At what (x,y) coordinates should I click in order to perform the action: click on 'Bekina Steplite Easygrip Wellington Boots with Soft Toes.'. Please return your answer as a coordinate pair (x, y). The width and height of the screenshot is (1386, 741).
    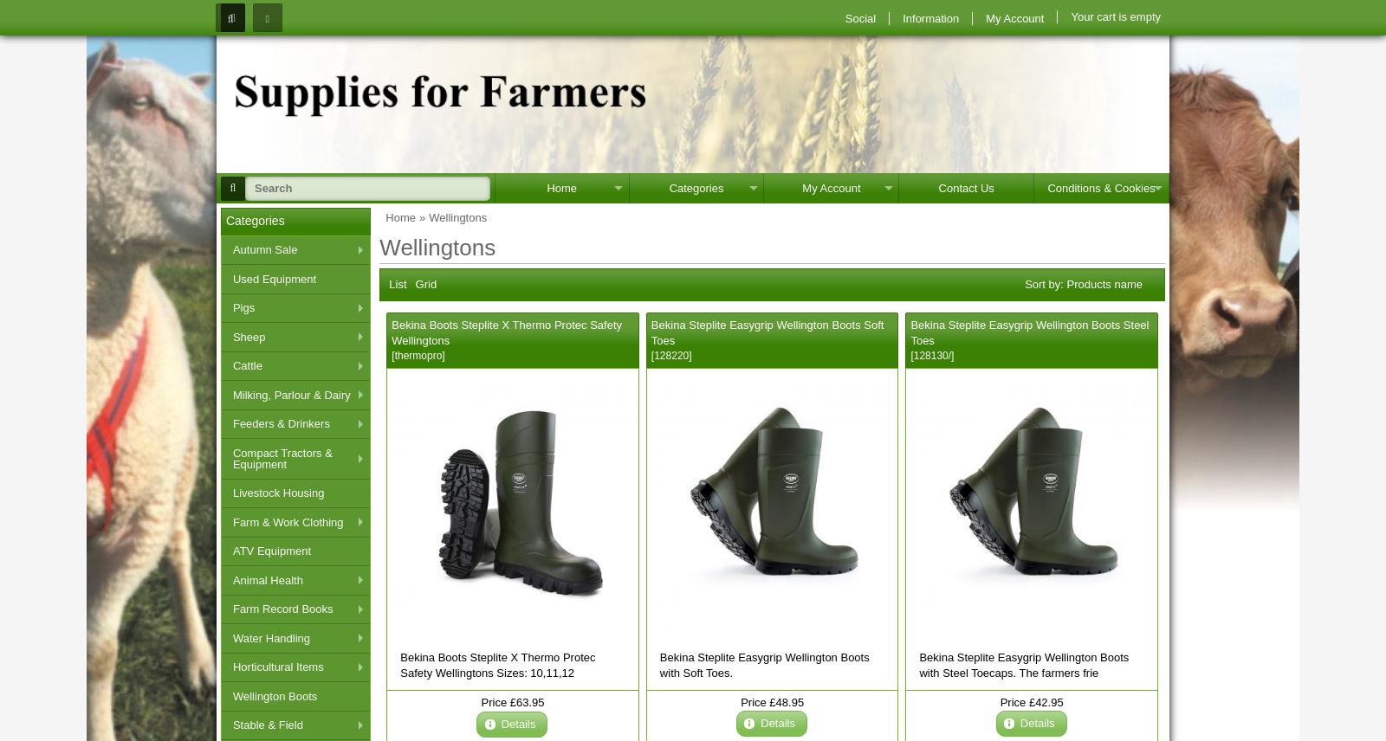
    Looking at the image, I should click on (763, 663).